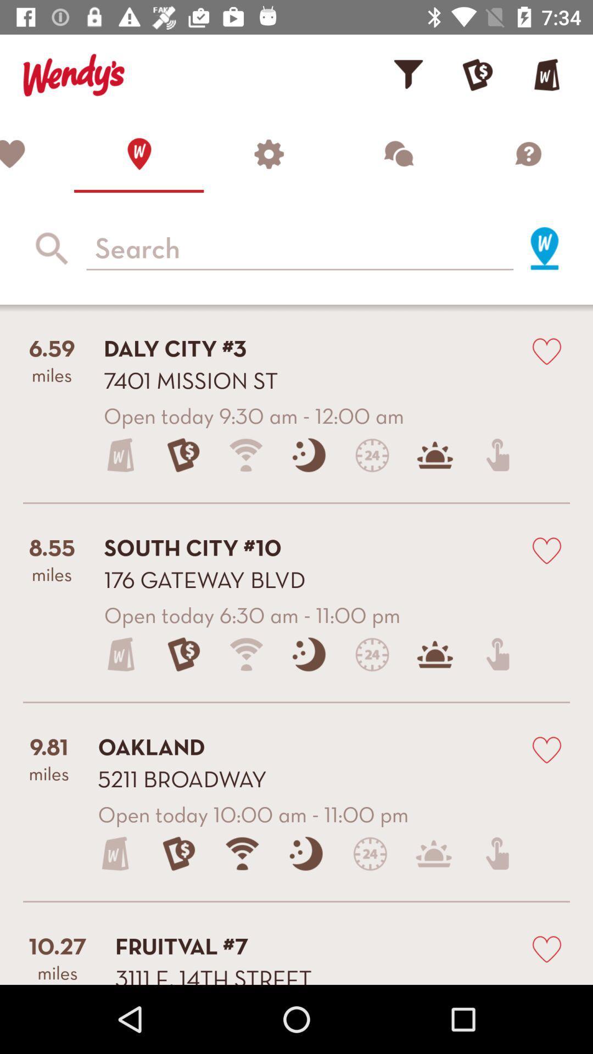 This screenshot has width=593, height=1054. I want to click on messages, so click(398, 153).